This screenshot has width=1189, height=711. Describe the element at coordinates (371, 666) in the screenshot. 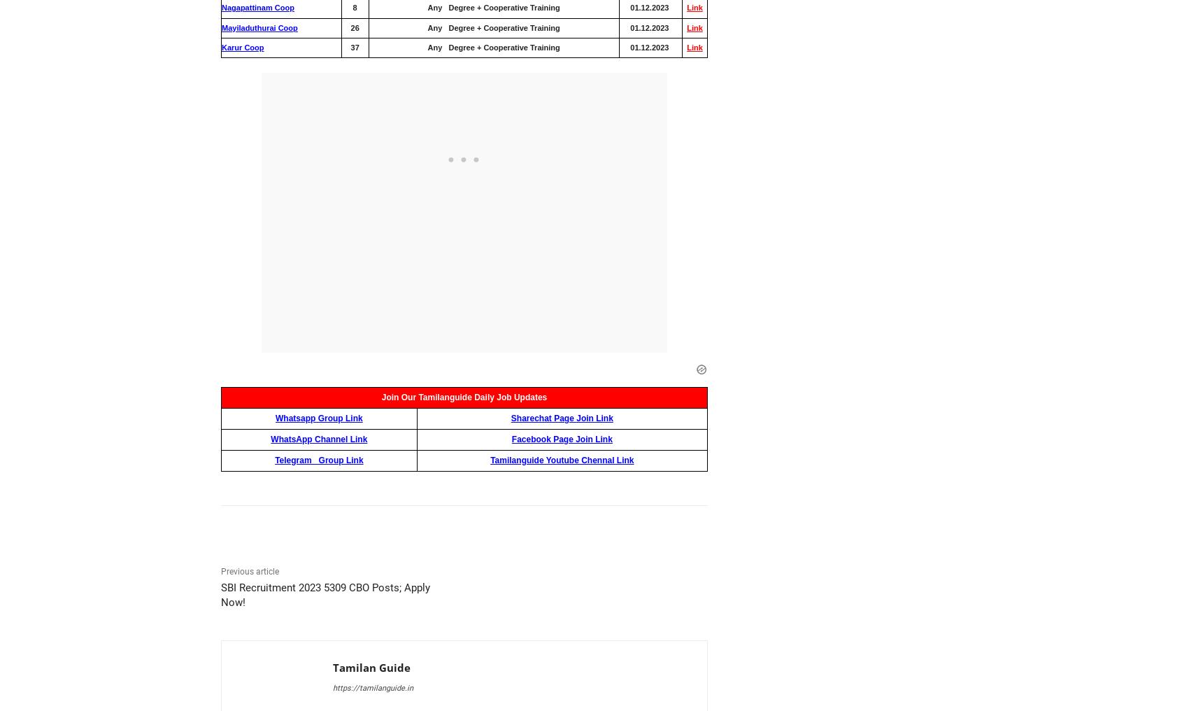

I see `'Tamilan Guide'` at that location.